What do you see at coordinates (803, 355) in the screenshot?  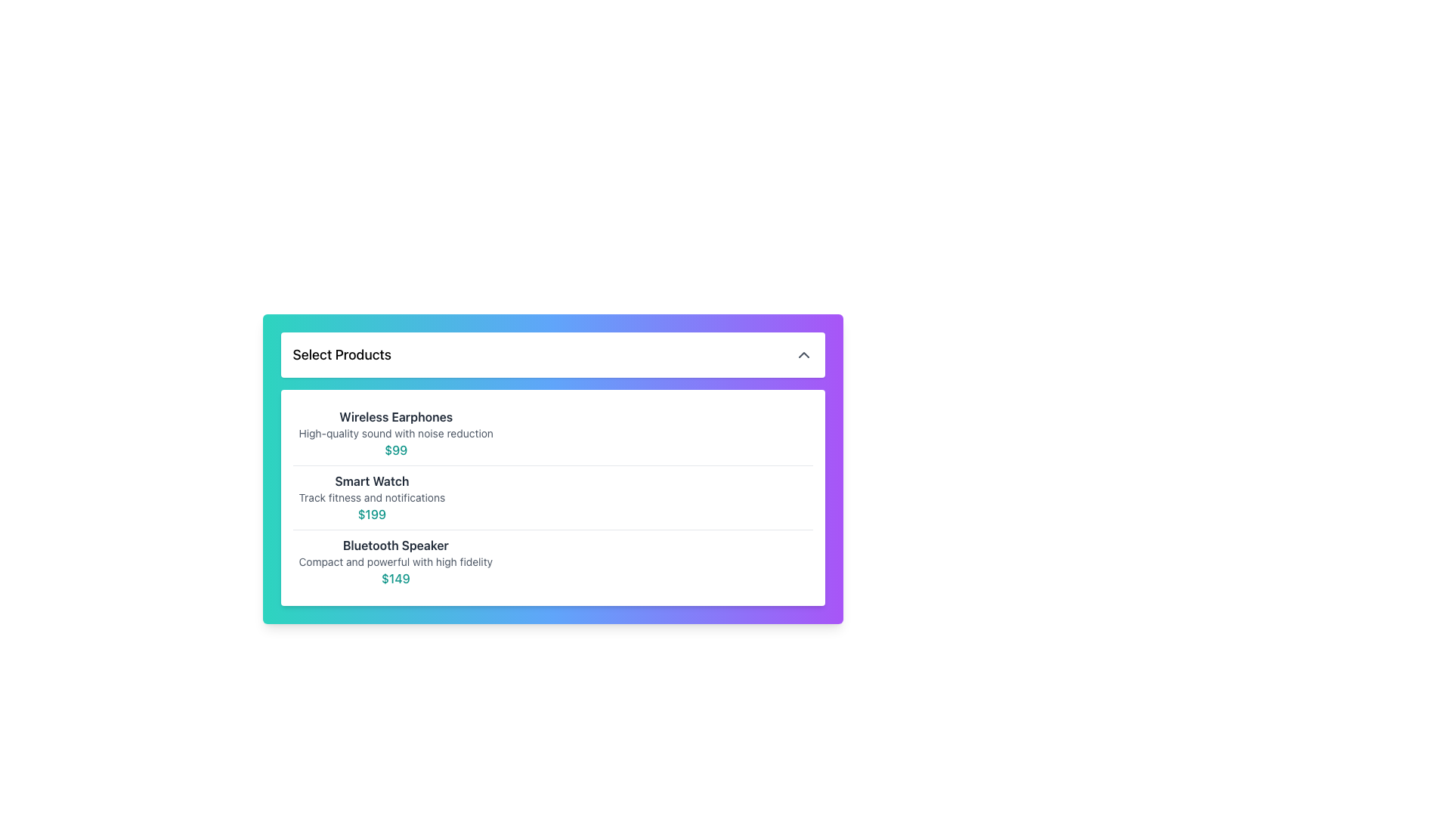 I see `the toggle icon` at bounding box center [803, 355].